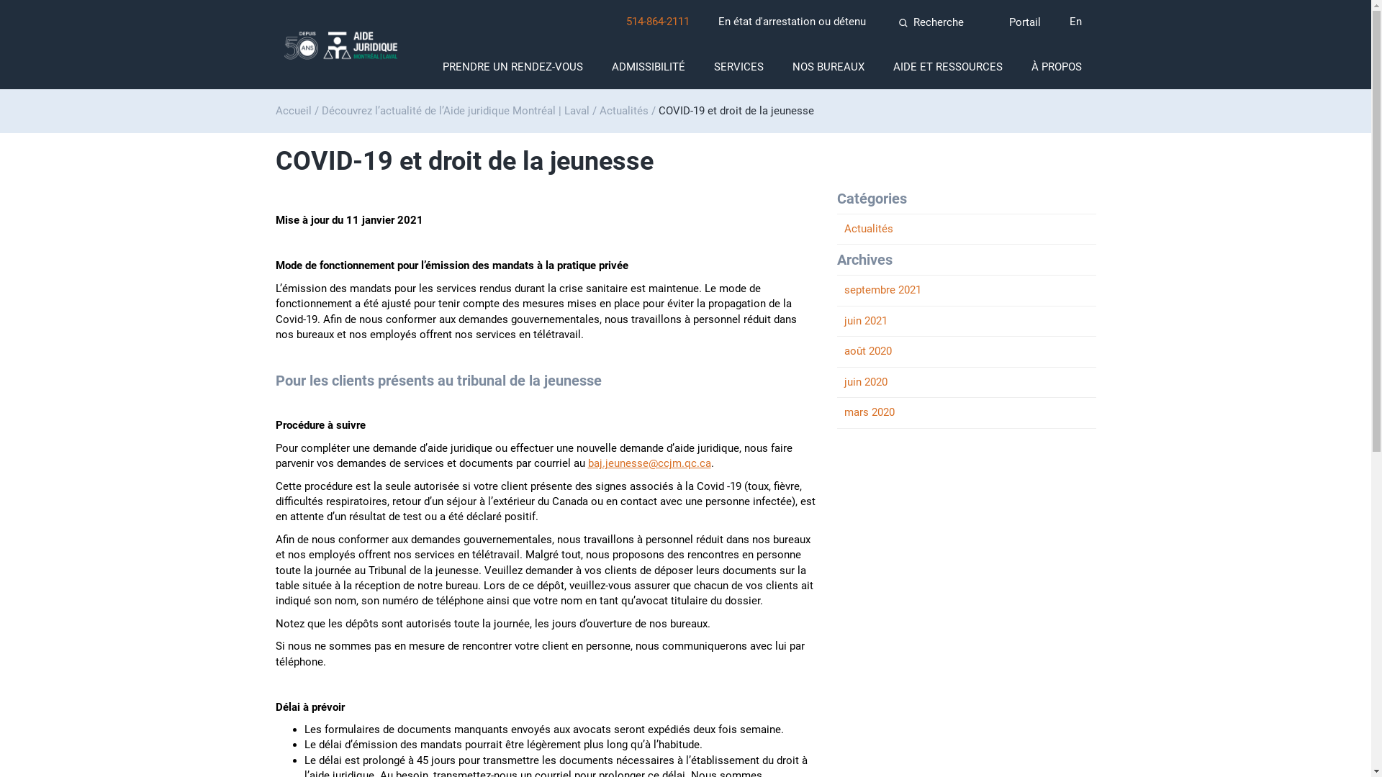 The height and width of the screenshot is (777, 1382). I want to click on 'PRENDRE UN RENDEZ-VOUS', so click(512, 67).